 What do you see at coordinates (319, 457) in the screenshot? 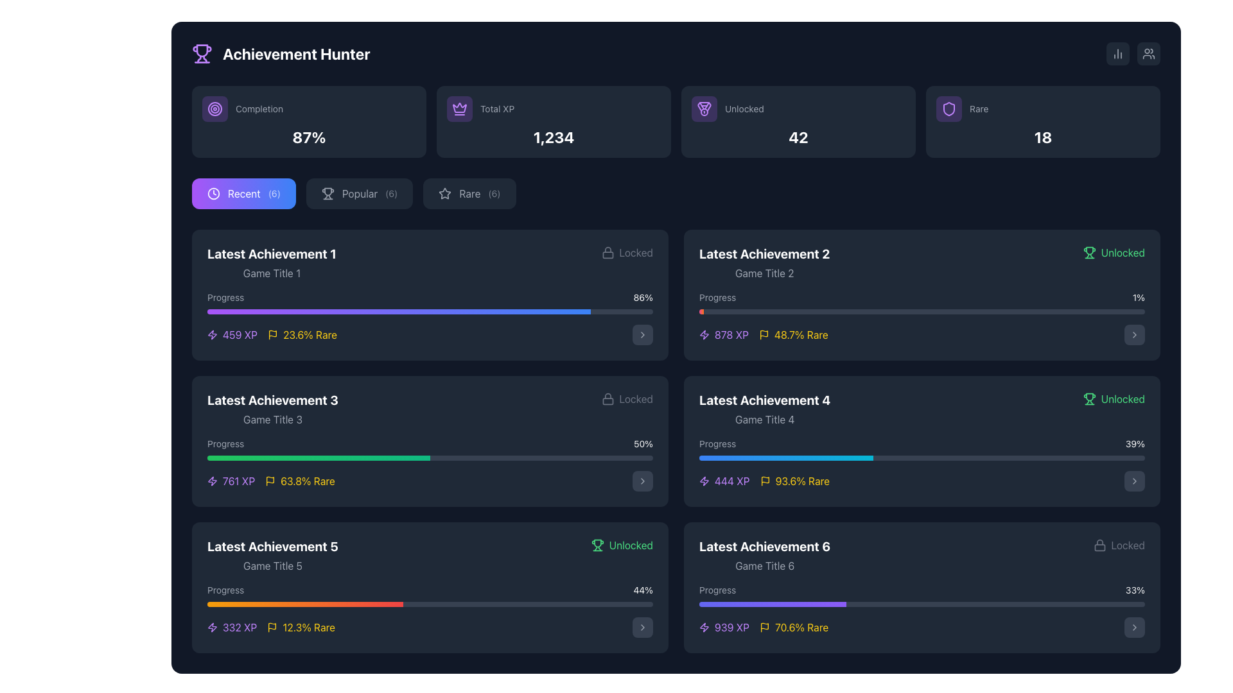
I see `the progress indicator bar located below the 'Latest Achievement 3' section in the middle column of the layout to visually indicate the progress completion status` at bounding box center [319, 457].